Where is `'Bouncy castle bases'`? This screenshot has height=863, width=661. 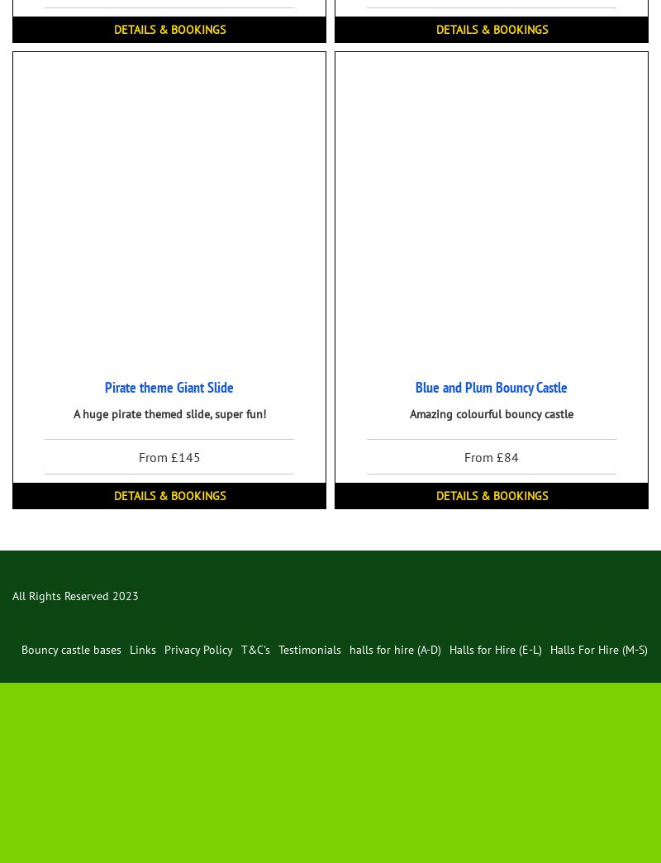 'Bouncy castle bases' is located at coordinates (21, 649).